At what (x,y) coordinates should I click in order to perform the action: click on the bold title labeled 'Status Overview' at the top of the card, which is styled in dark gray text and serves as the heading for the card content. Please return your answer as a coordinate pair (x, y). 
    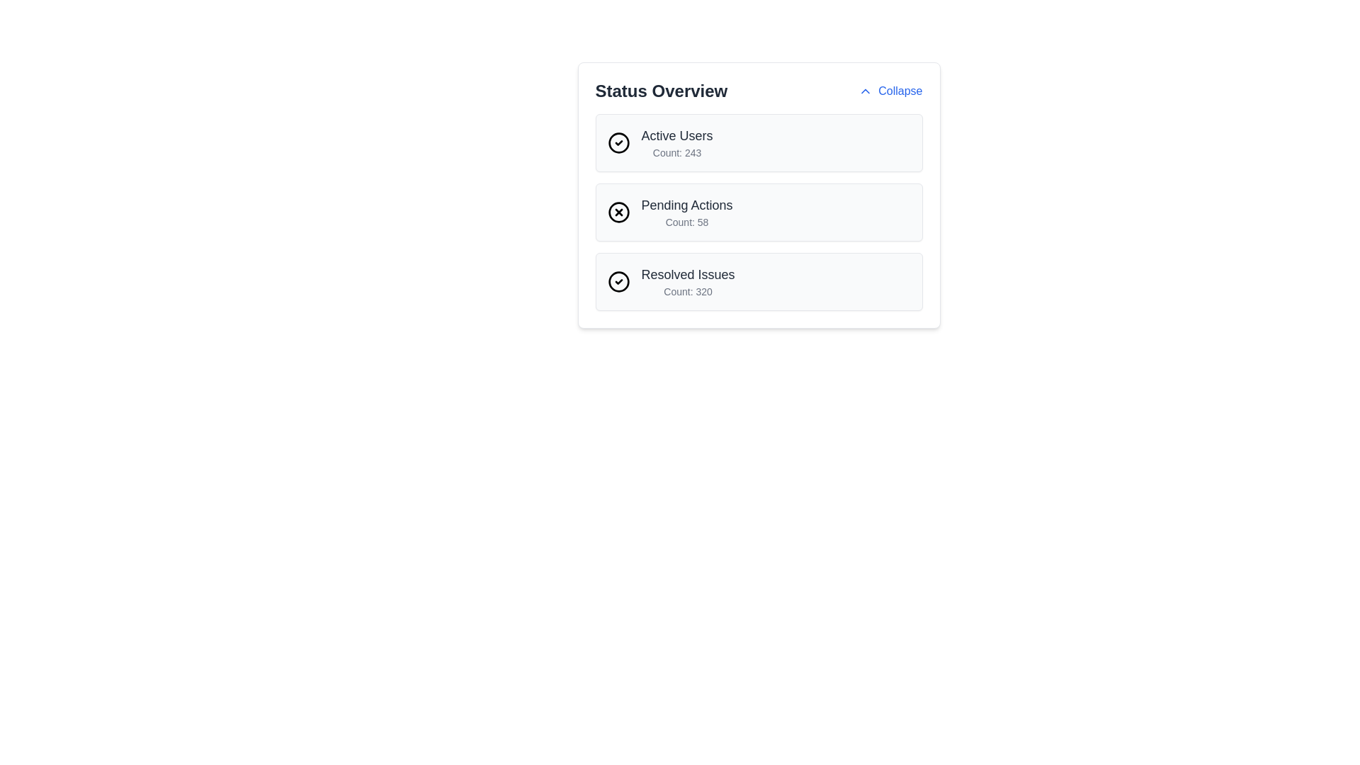
    Looking at the image, I should click on (660, 91).